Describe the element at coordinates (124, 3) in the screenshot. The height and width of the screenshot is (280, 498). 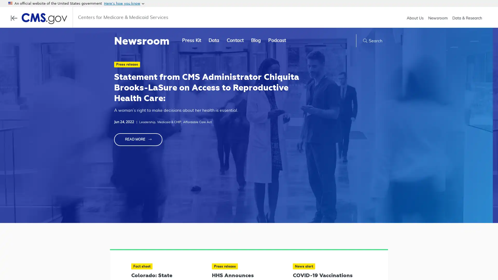
I see `Heres how you know` at that location.